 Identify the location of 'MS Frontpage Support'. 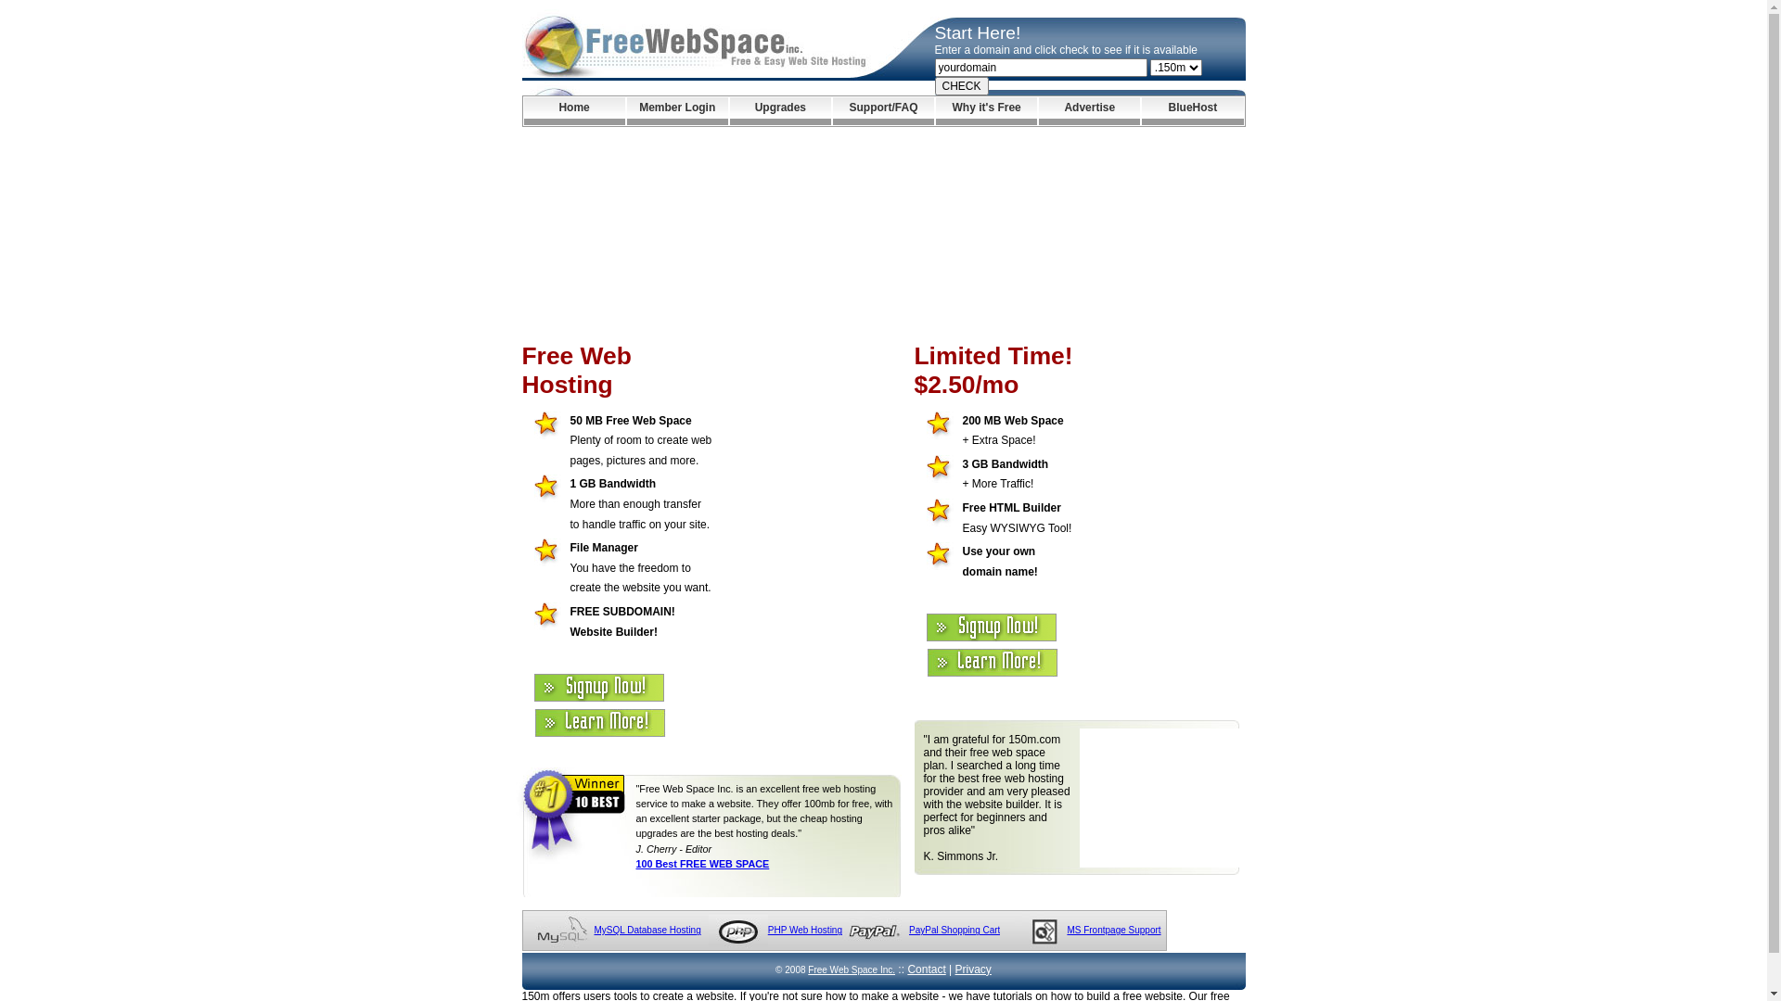
(1113, 930).